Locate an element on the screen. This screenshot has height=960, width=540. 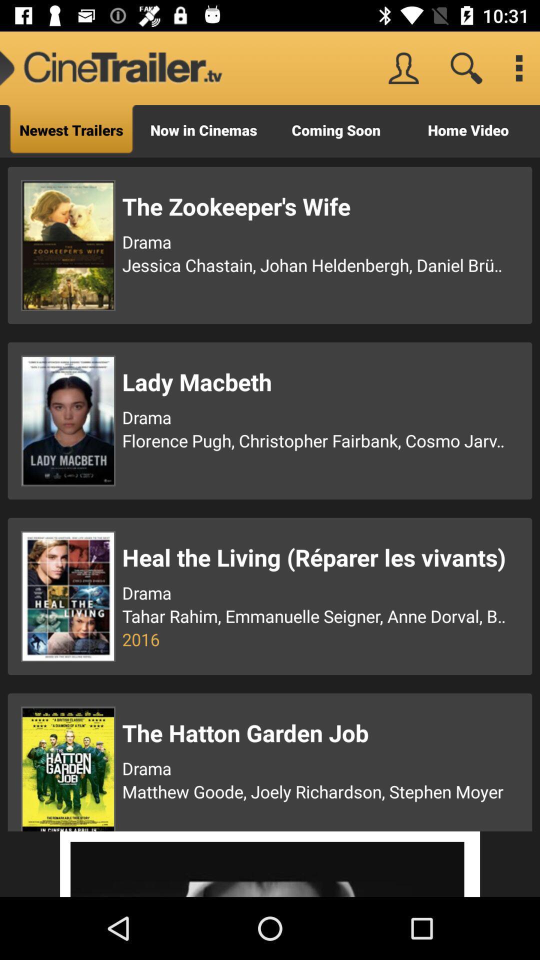
menu/ options/ settings is located at coordinates (518, 67).